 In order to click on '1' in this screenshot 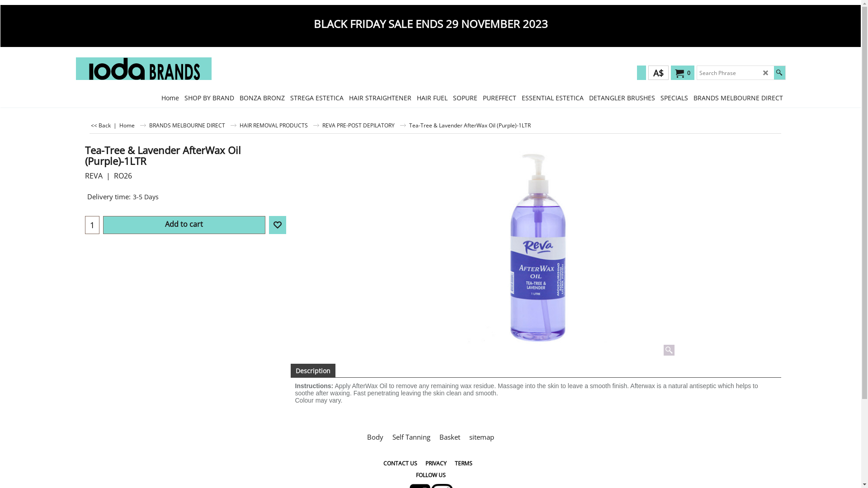, I will do `click(85, 224)`.